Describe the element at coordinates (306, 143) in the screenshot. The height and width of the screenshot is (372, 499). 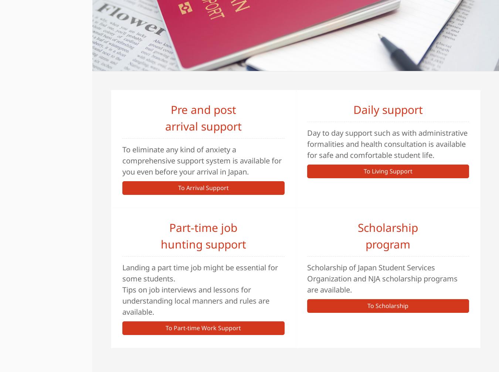
I see `'Day to day support such as with administrative formalities and health consultation is available for safe and comfortable student life.'` at that location.